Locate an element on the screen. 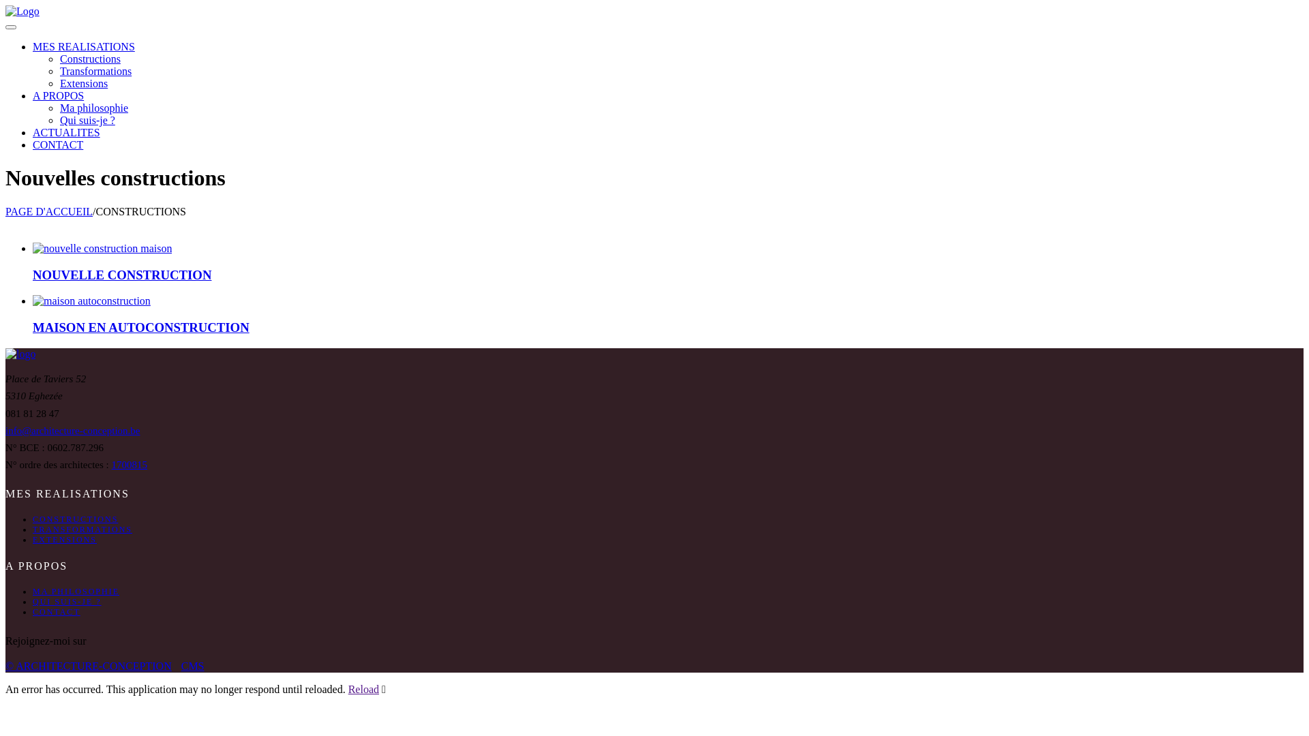  'MAISON EN AUTOCONSTRUCTION' is located at coordinates (140, 327).